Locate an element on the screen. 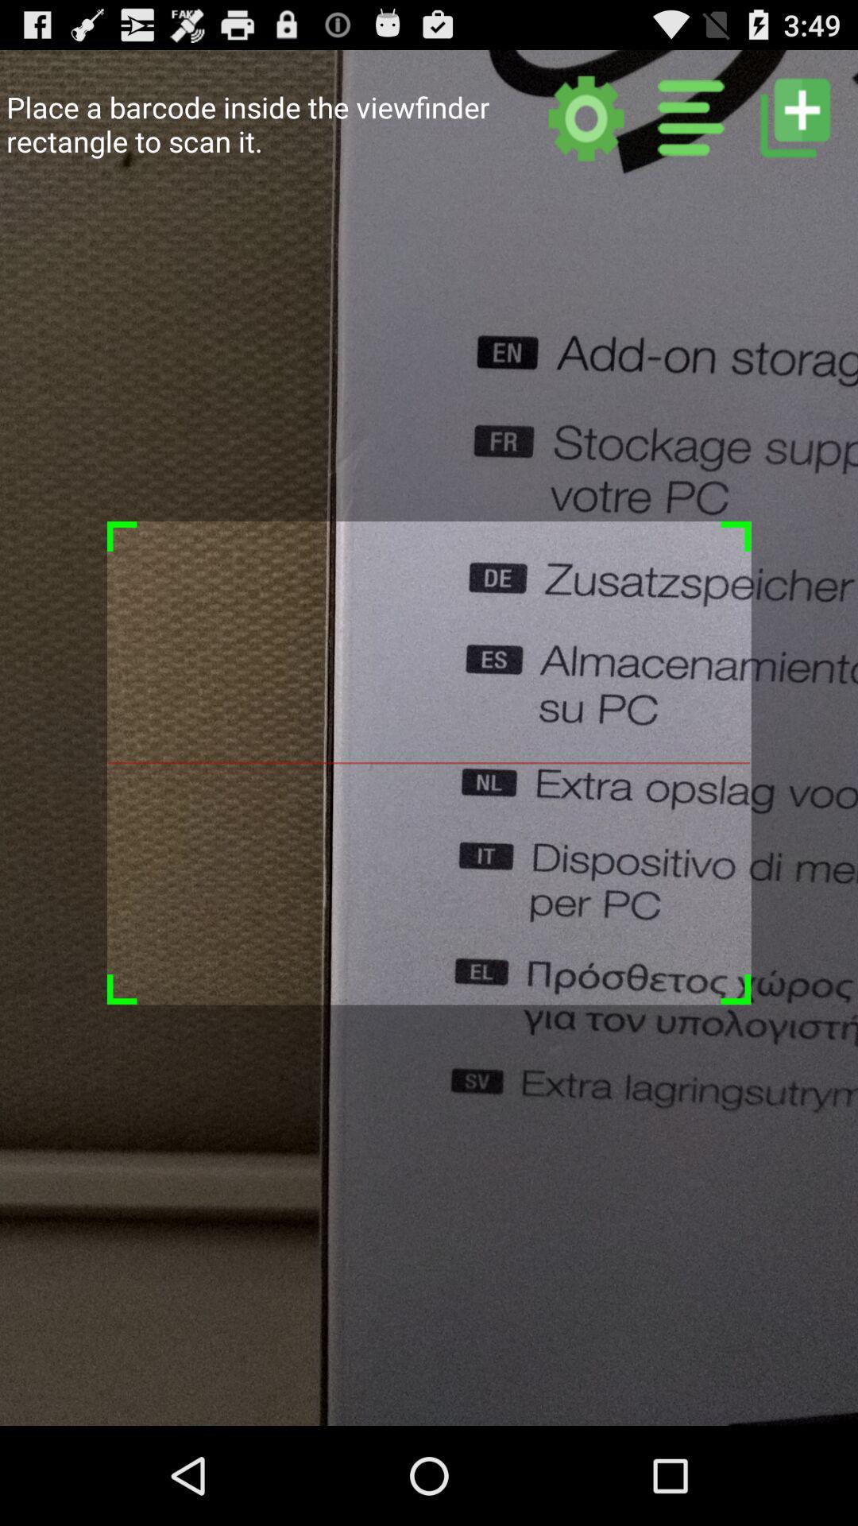 Image resolution: width=858 pixels, height=1526 pixels. image is located at coordinates (795, 117).